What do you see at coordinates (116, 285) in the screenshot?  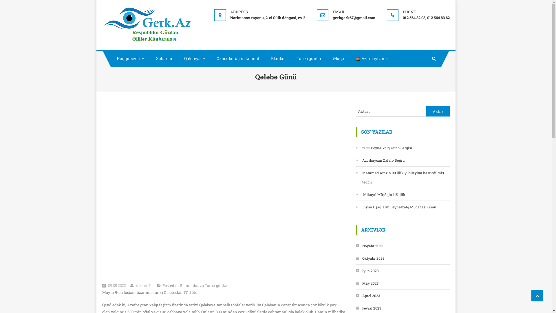 I see `'09.05.2022'` at bounding box center [116, 285].